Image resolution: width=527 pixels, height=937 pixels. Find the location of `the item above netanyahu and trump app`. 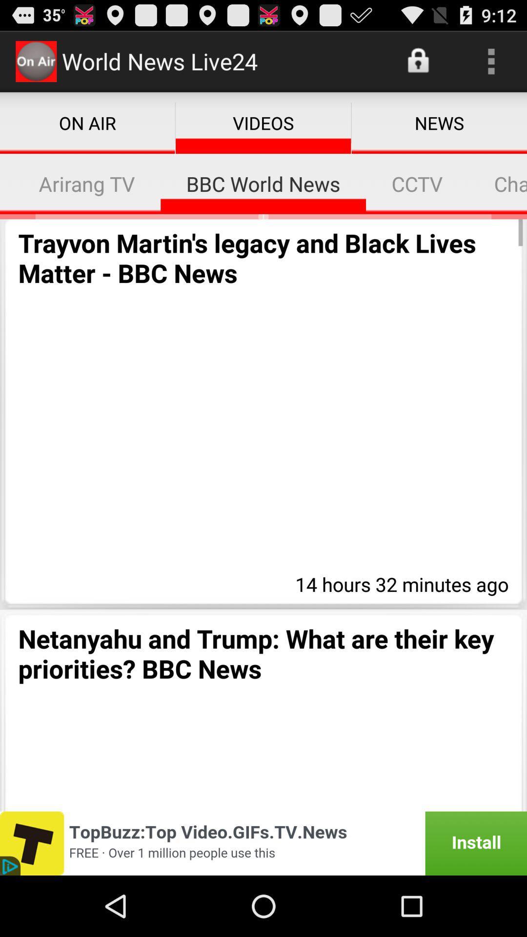

the item above netanyahu and trump app is located at coordinates (399, 583).